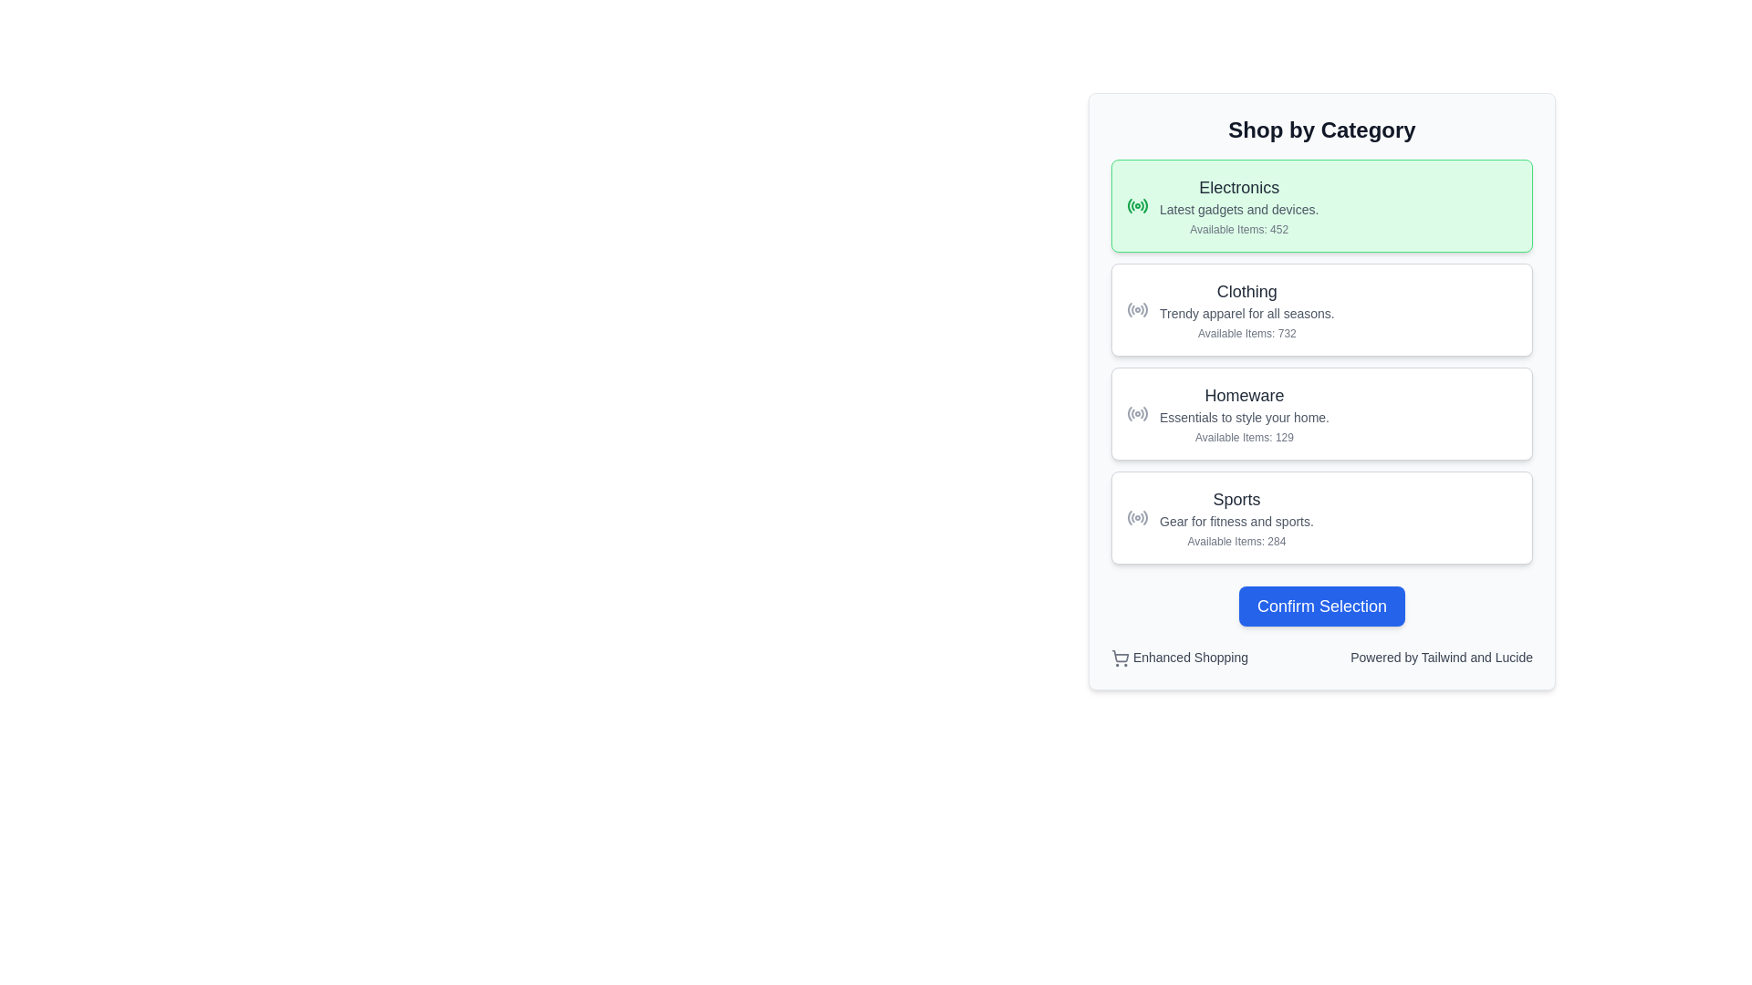 Image resolution: width=1752 pixels, height=985 pixels. What do you see at coordinates (1322, 205) in the screenshot?
I see `the first category button-like panel in the 'Shop by Category' section` at bounding box center [1322, 205].